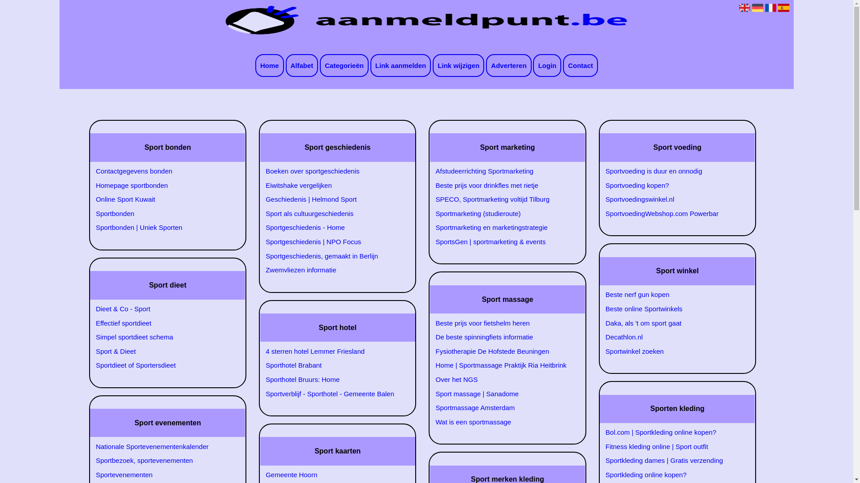 The height and width of the screenshot is (483, 860). I want to click on 'Homepage sportbonden', so click(163, 185).